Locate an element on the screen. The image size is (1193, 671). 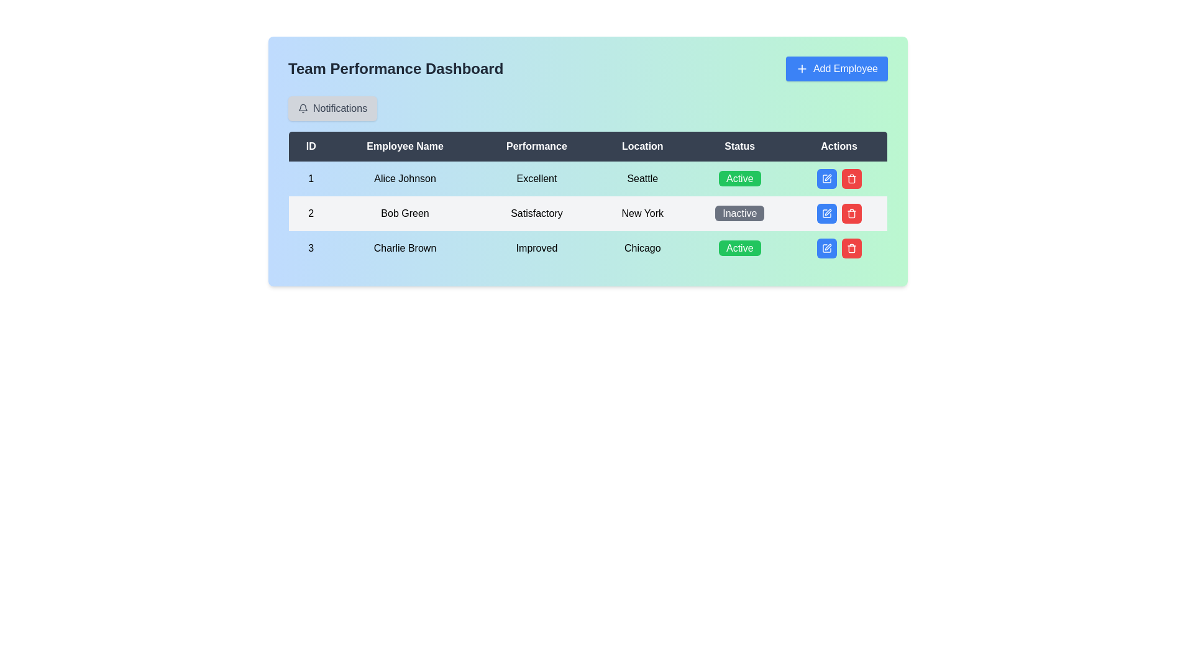
or interpret the text label displaying 'Chicago' in bold black font, located in the 'Location' column of the table row titled '3 Charlie Brown Improved Active' is located at coordinates (642, 249).